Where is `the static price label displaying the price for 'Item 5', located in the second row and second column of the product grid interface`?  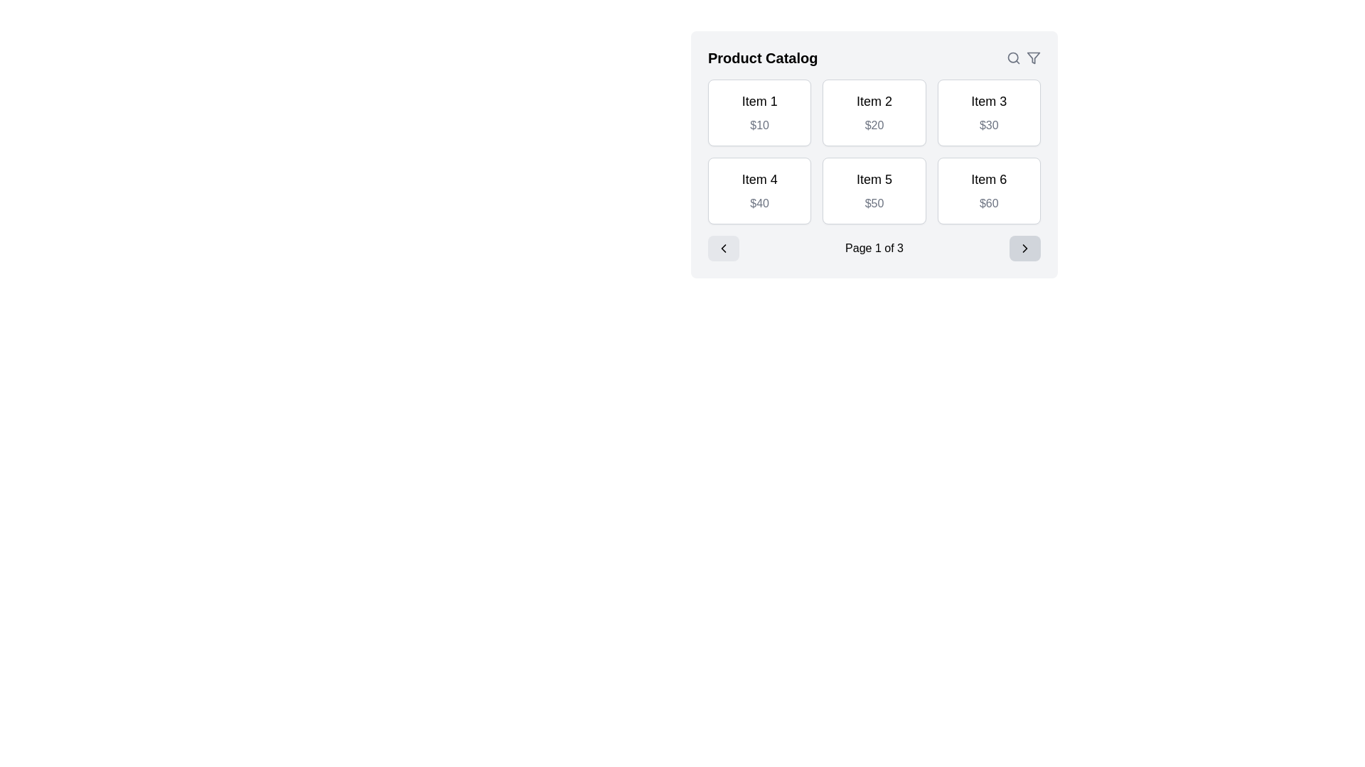
the static price label displaying the price for 'Item 5', located in the second row and second column of the product grid interface is located at coordinates (873, 203).